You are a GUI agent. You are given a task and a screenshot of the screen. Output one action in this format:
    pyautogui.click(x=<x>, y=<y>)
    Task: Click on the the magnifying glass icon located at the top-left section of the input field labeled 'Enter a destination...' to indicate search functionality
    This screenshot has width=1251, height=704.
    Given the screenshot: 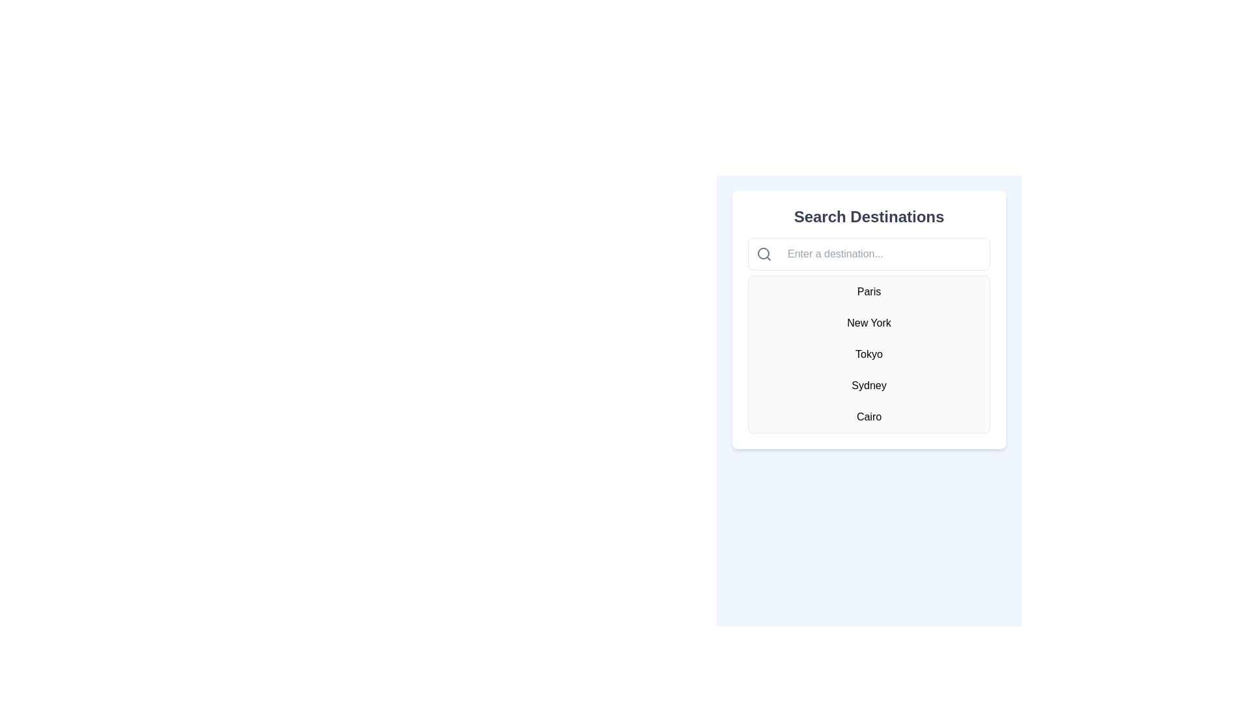 What is the action you would take?
    pyautogui.click(x=764, y=254)
    